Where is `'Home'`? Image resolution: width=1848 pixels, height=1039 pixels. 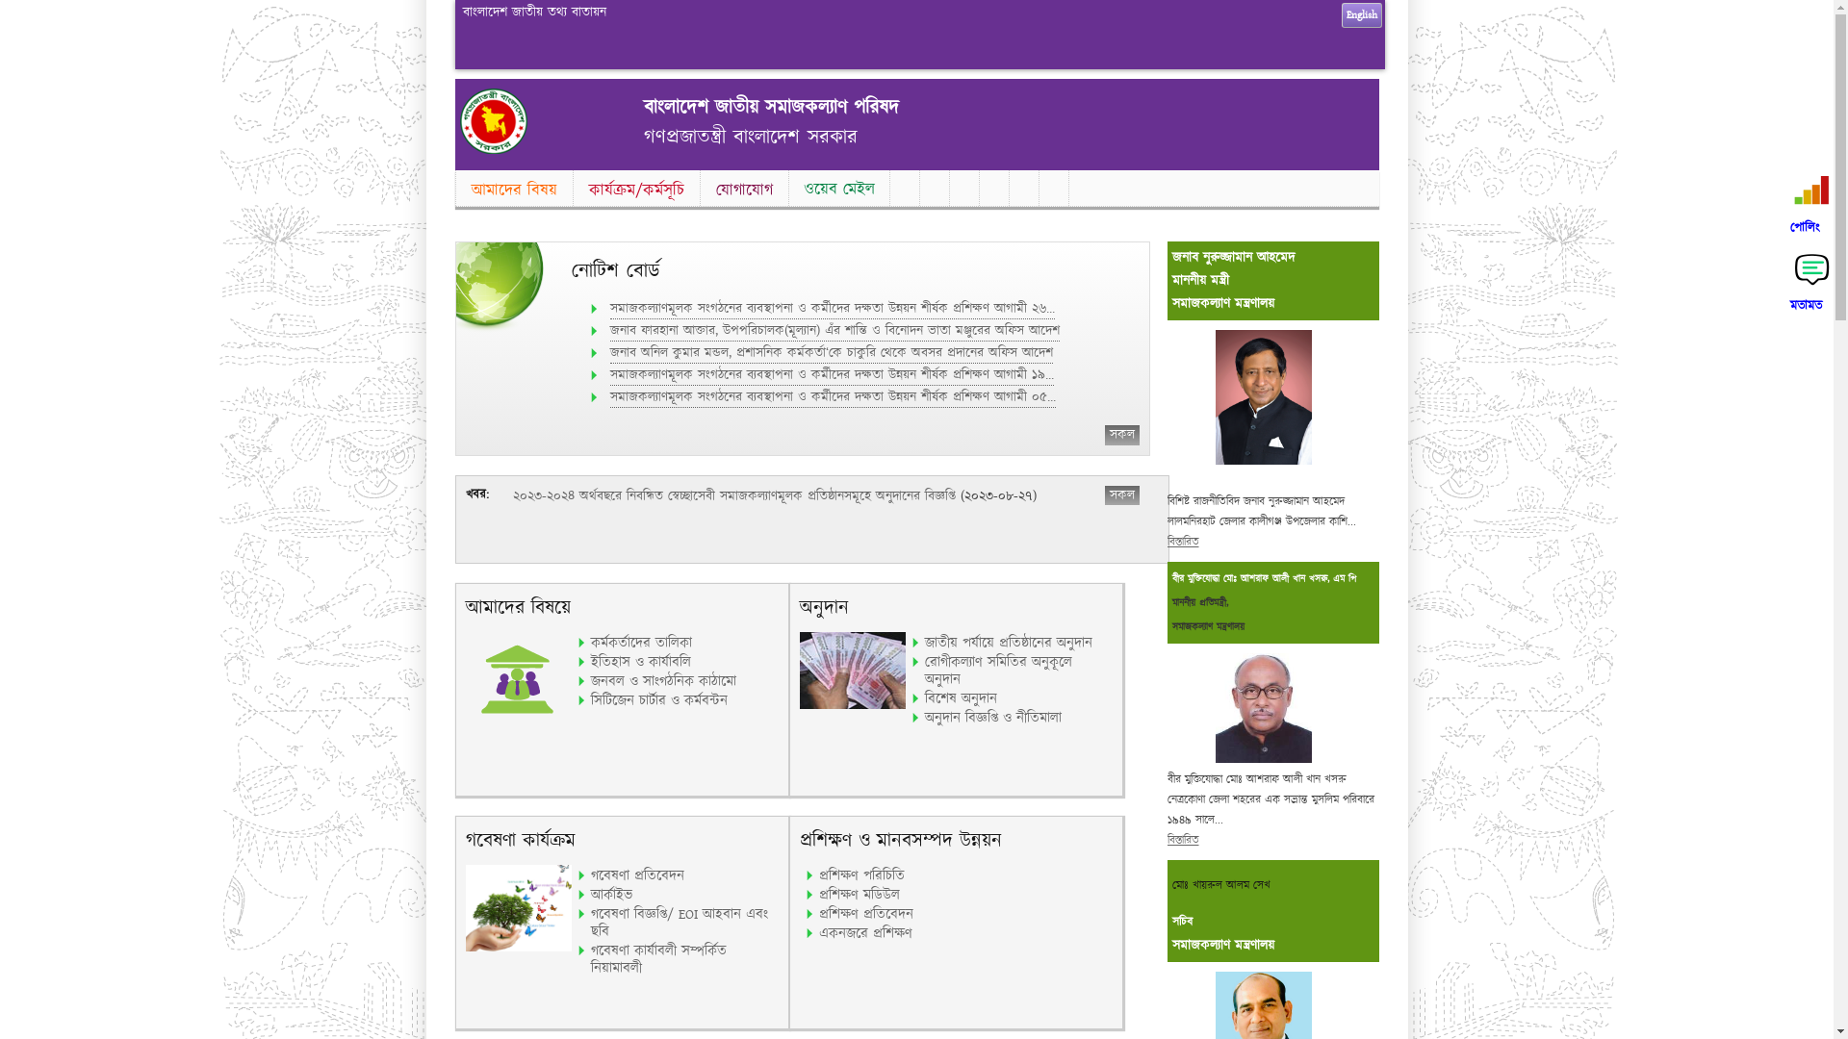
'Home' is located at coordinates (459, 148).